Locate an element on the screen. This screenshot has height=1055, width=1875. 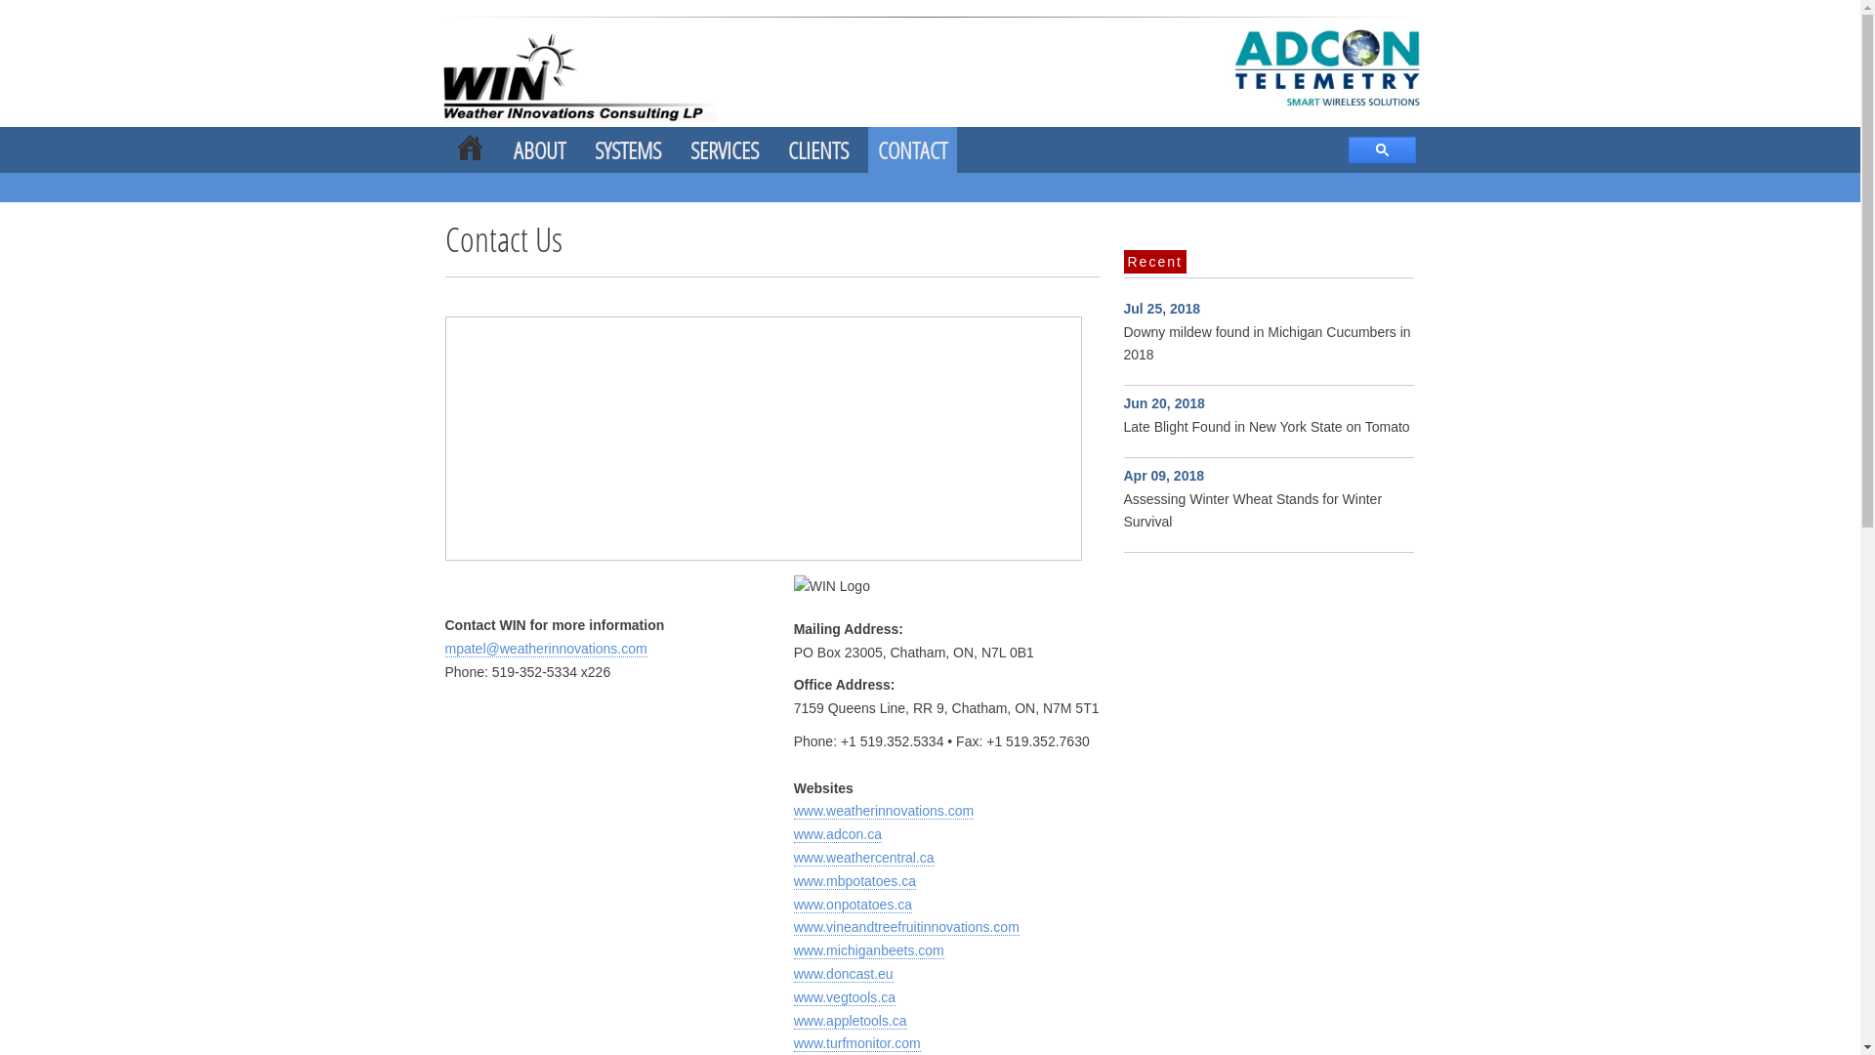
'mpatel@weatherinnovations.com' is located at coordinates (546, 649).